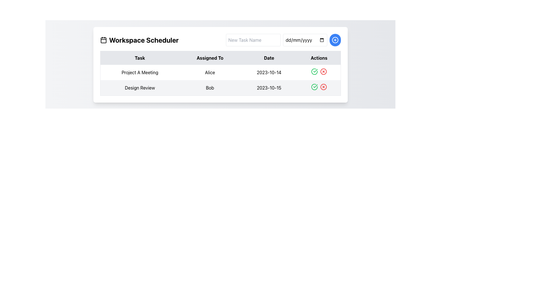 The image size is (545, 307). I want to click on the action confirmation icon in the 'Actions' column of the second row in the table for the task 'Design Review', so click(315, 86).